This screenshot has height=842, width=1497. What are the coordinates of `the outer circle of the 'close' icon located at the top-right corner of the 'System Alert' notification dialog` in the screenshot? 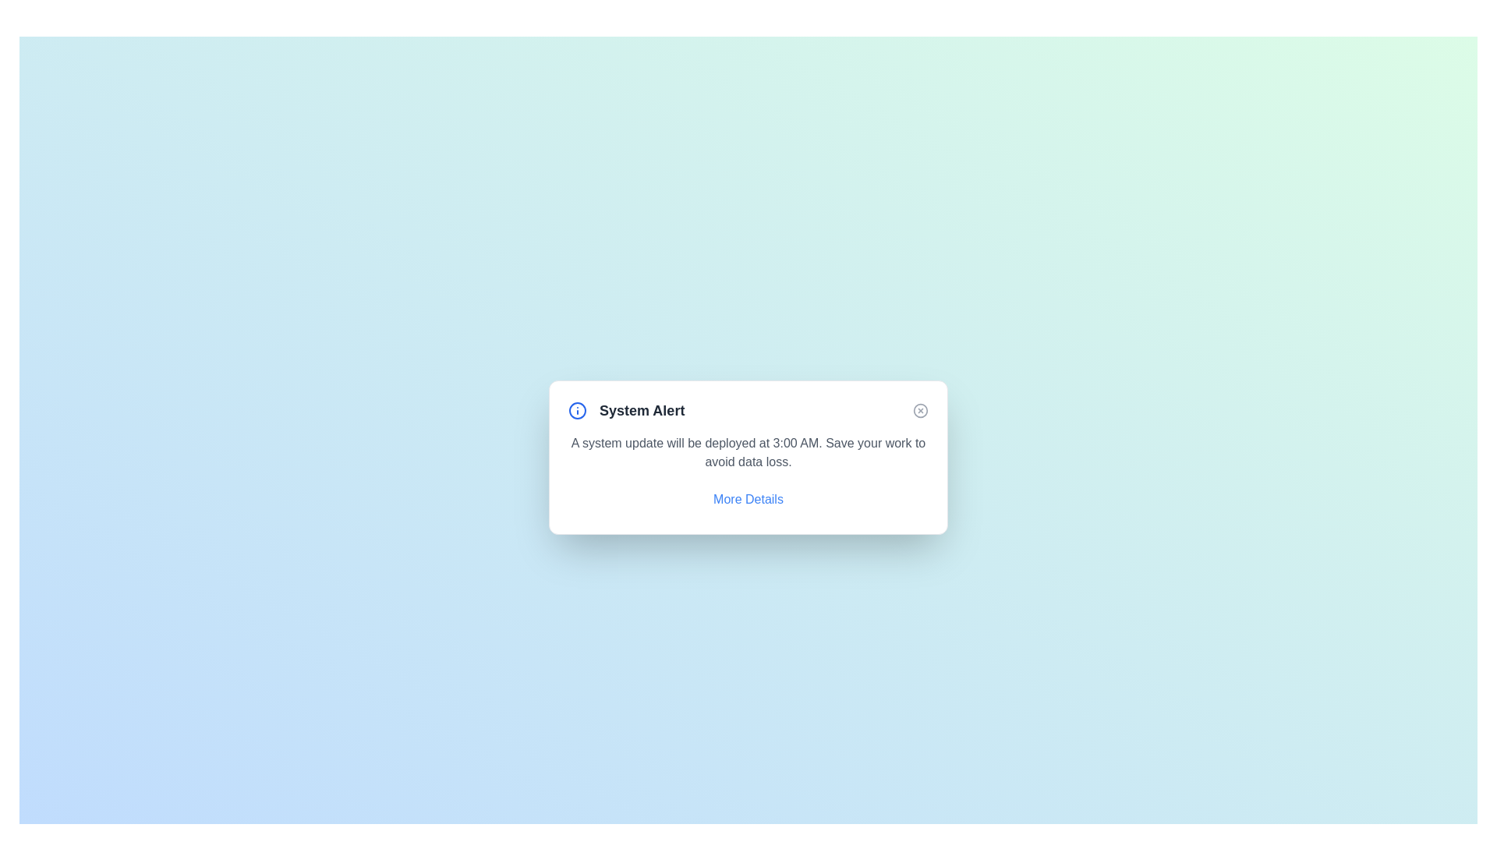 It's located at (920, 410).